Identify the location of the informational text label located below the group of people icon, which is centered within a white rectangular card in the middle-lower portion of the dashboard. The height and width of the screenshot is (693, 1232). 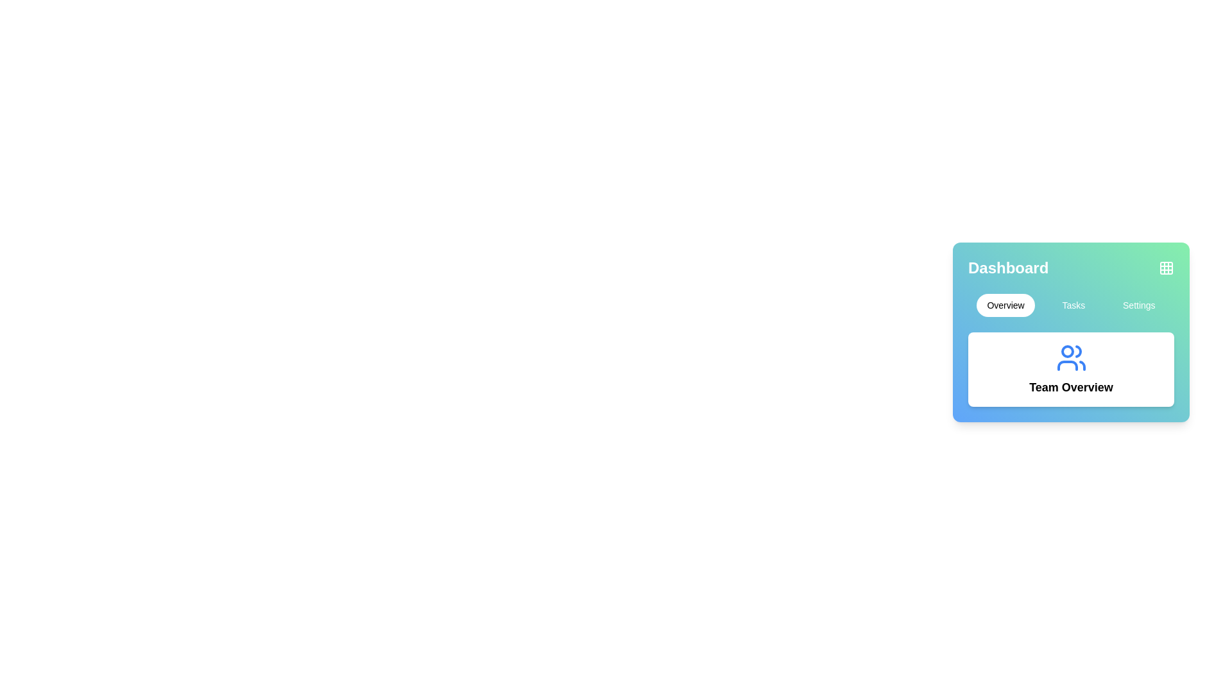
(1071, 387).